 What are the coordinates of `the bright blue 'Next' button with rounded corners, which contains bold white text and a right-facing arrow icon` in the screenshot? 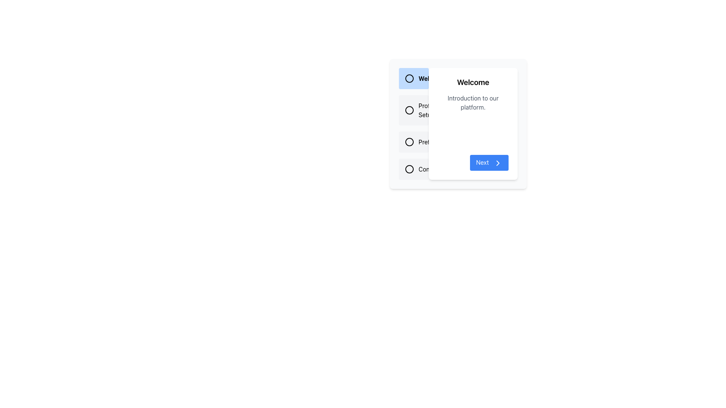 It's located at (489, 162).